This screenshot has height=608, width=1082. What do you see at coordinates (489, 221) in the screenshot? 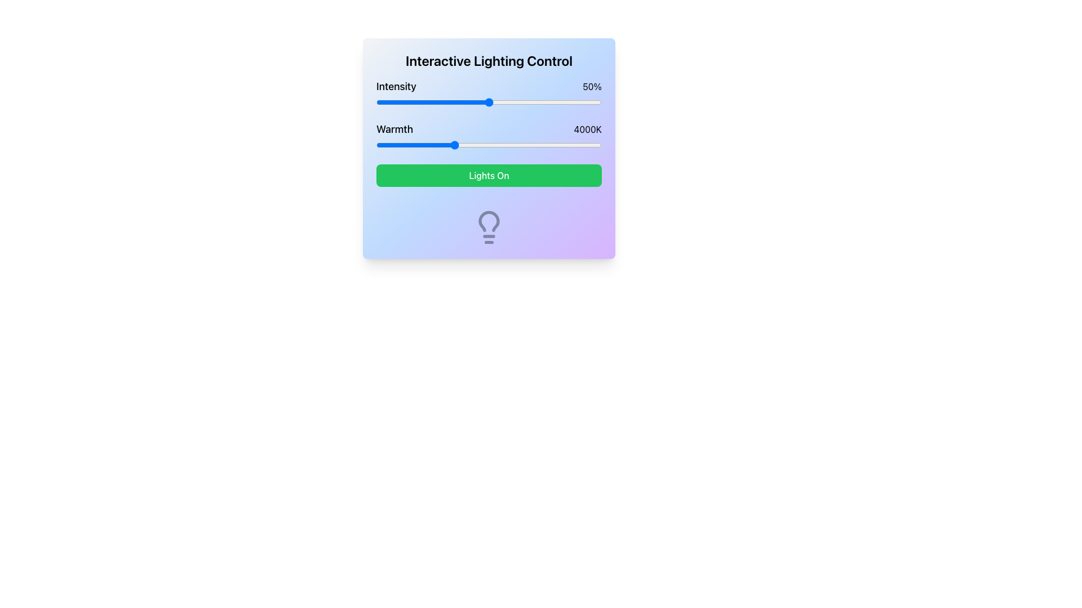
I see `the decorative lightbulb inner detailing icon located at the center top part of the bulb illustration` at bounding box center [489, 221].